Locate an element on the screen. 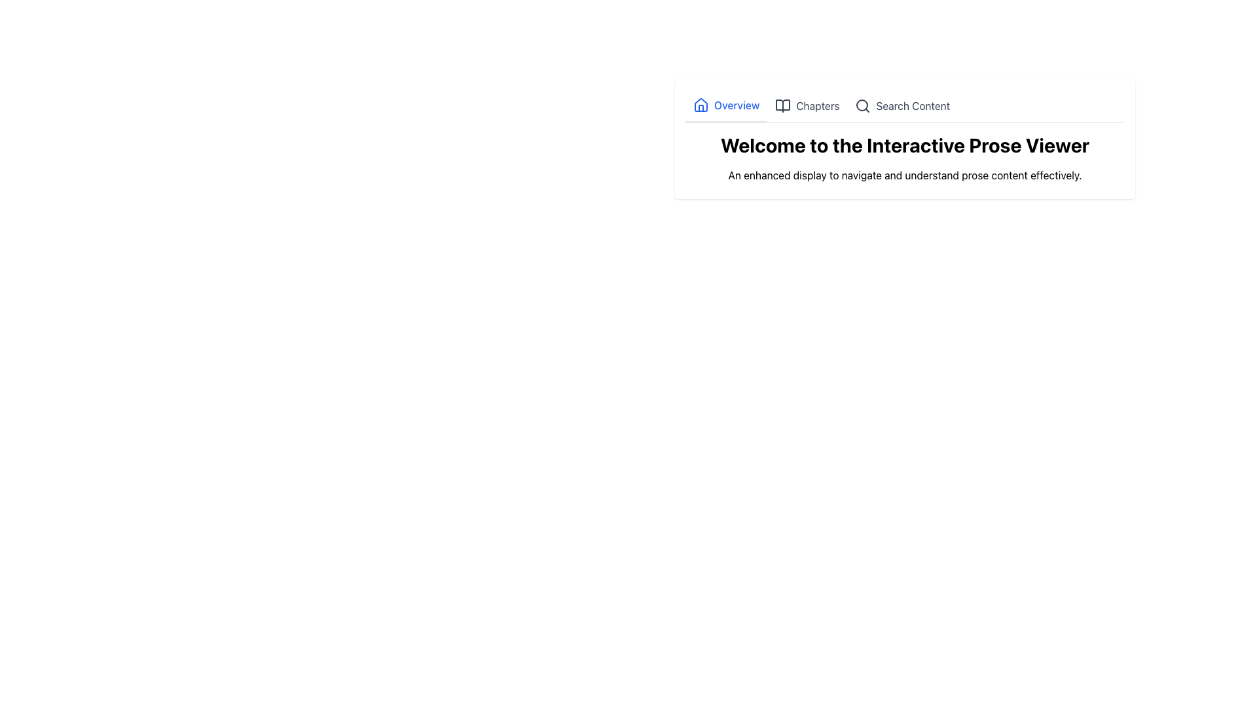 This screenshot has height=707, width=1257. the Navigation bar is located at coordinates (904, 105).